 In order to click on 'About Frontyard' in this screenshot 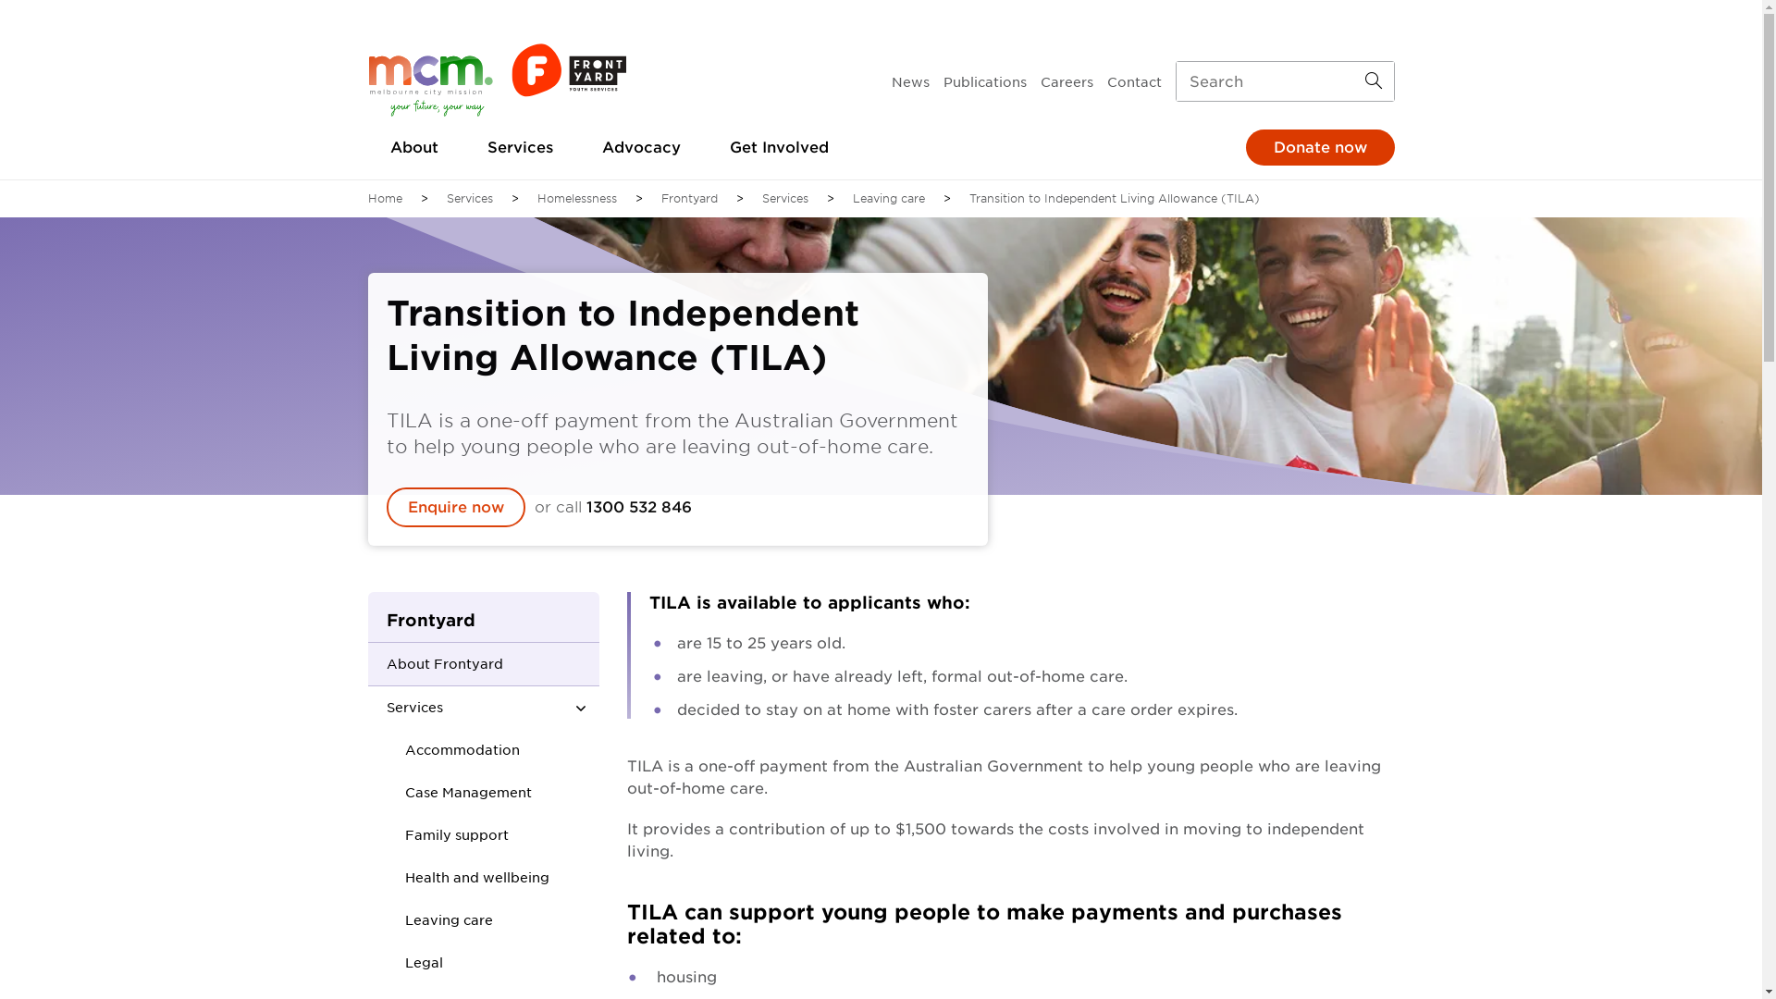, I will do `click(368, 662)`.